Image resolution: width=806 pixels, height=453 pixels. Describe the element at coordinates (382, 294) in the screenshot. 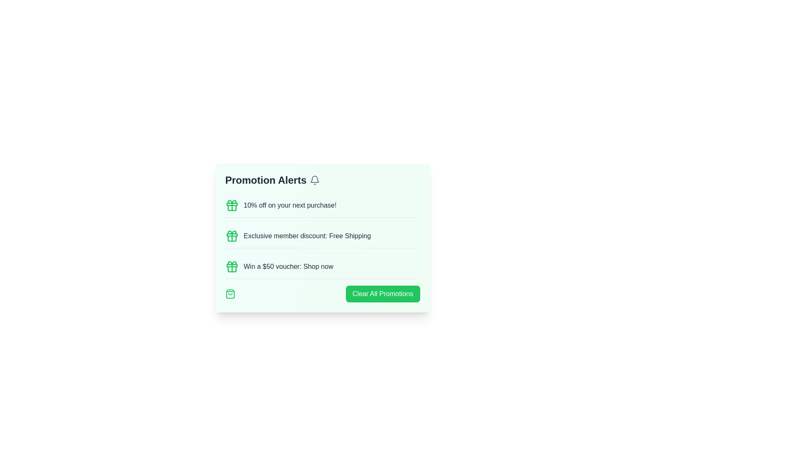

I see `the button located at the bottom-right corner of the promotion alerts panel to clear all active promotions` at that location.